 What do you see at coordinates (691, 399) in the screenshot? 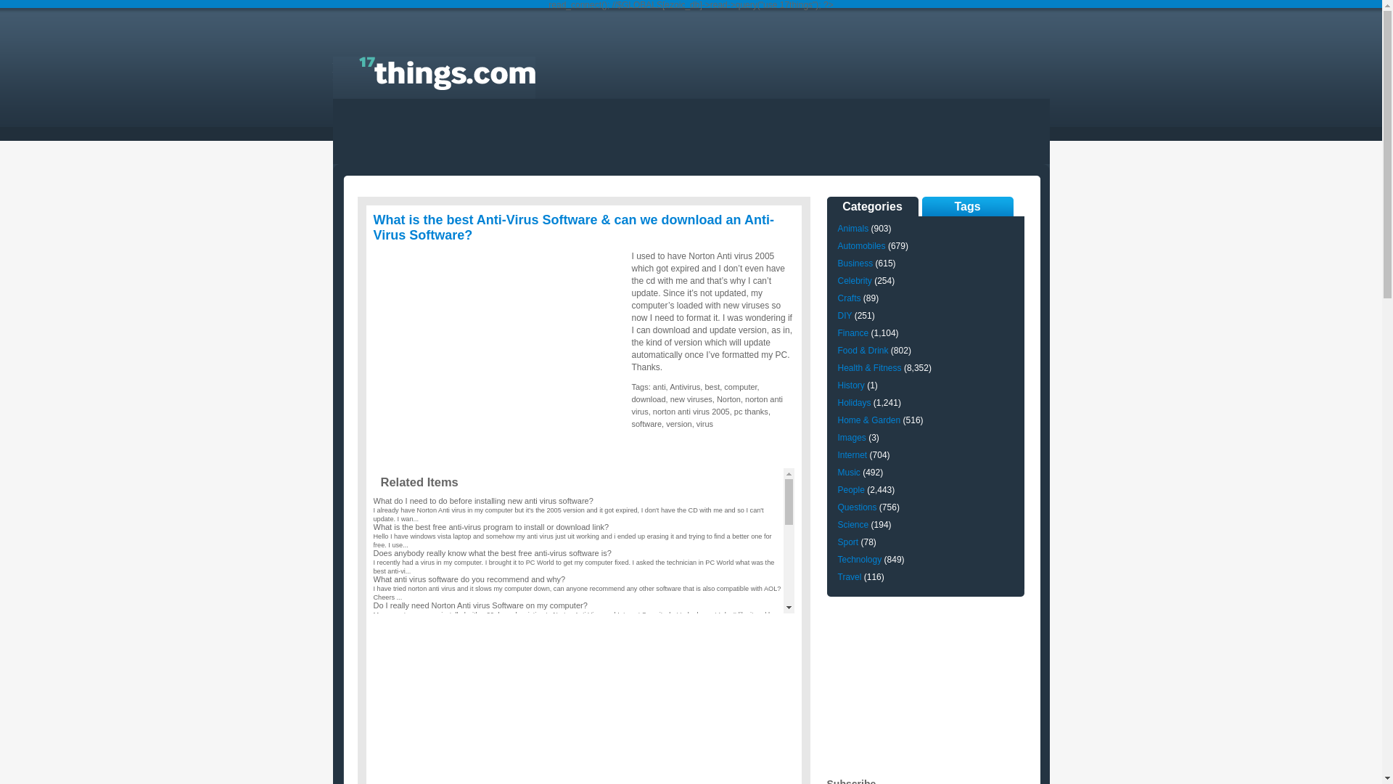
I see `'new viruses'` at bounding box center [691, 399].